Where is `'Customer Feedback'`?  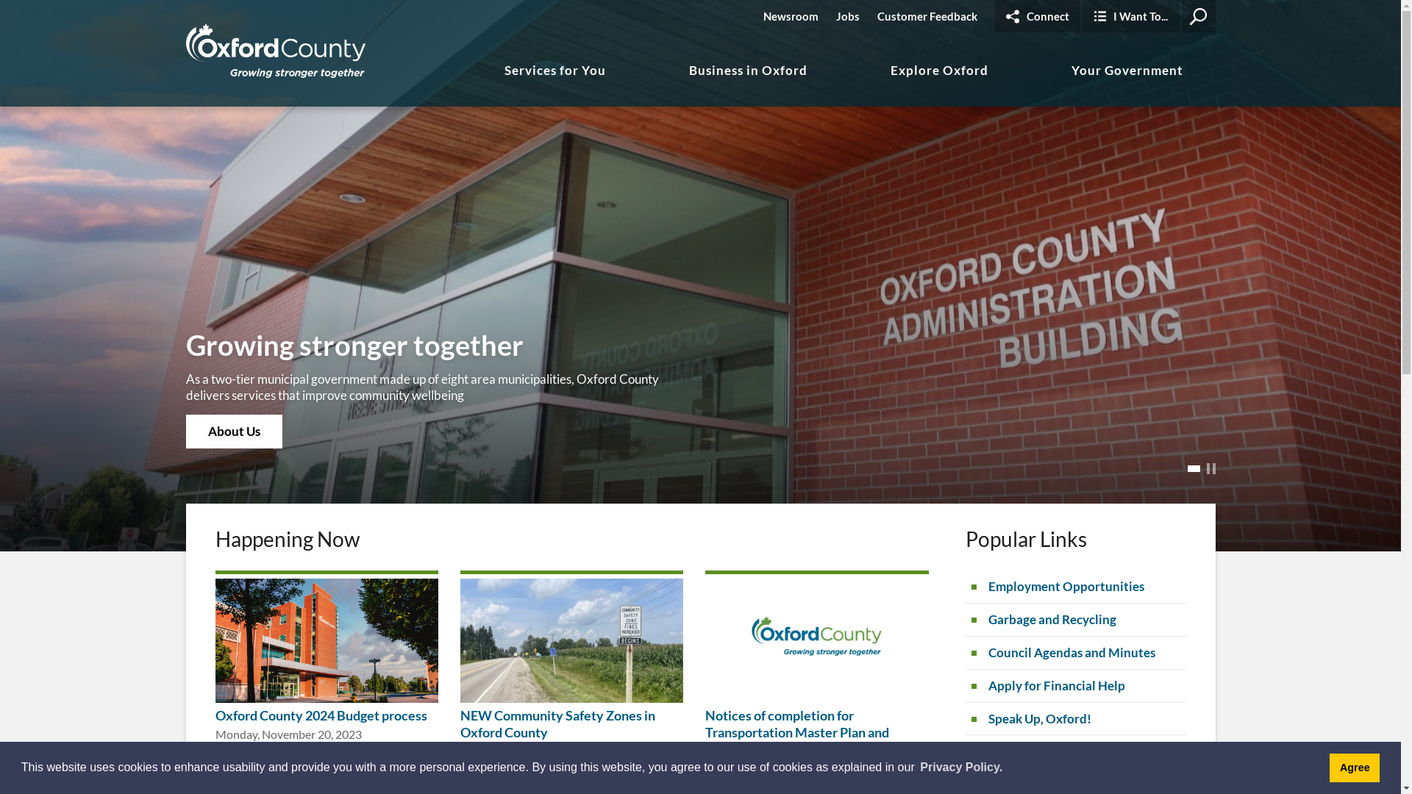
'Customer Feedback' is located at coordinates (925, 16).